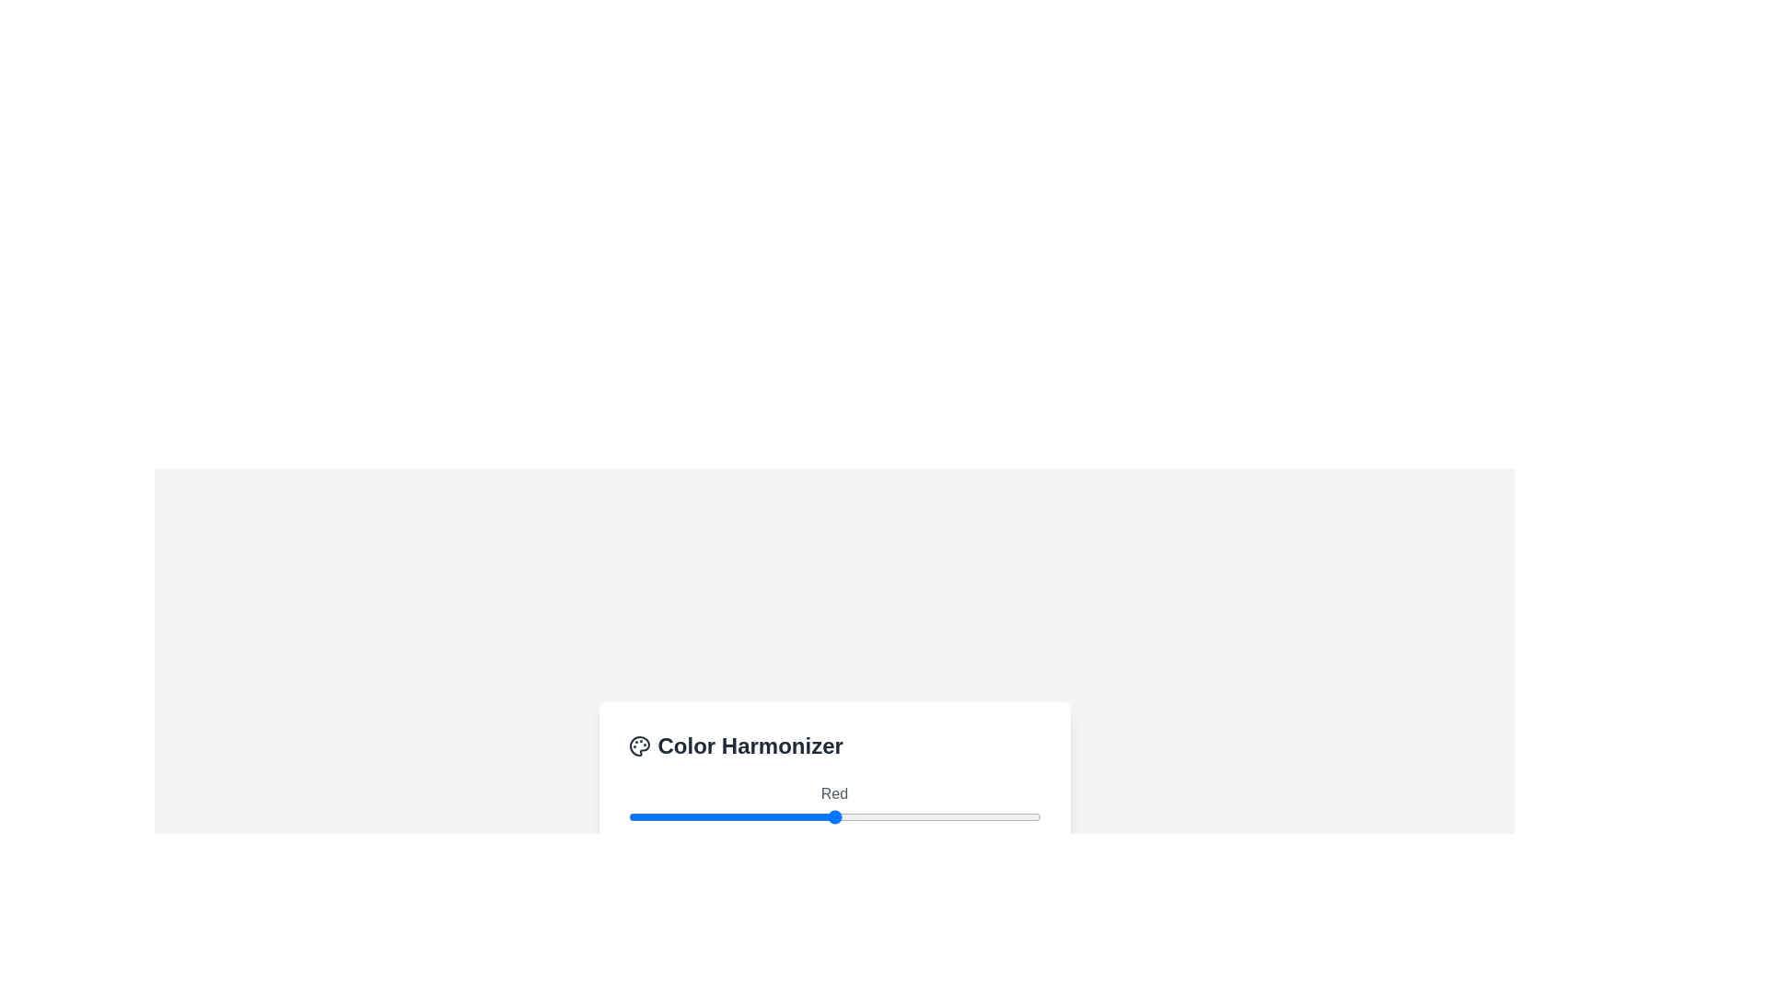 This screenshot has height=994, width=1768. Describe the element at coordinates (978, 815) in the screenshot. I see `the red slider to set its value to 217` at that location.